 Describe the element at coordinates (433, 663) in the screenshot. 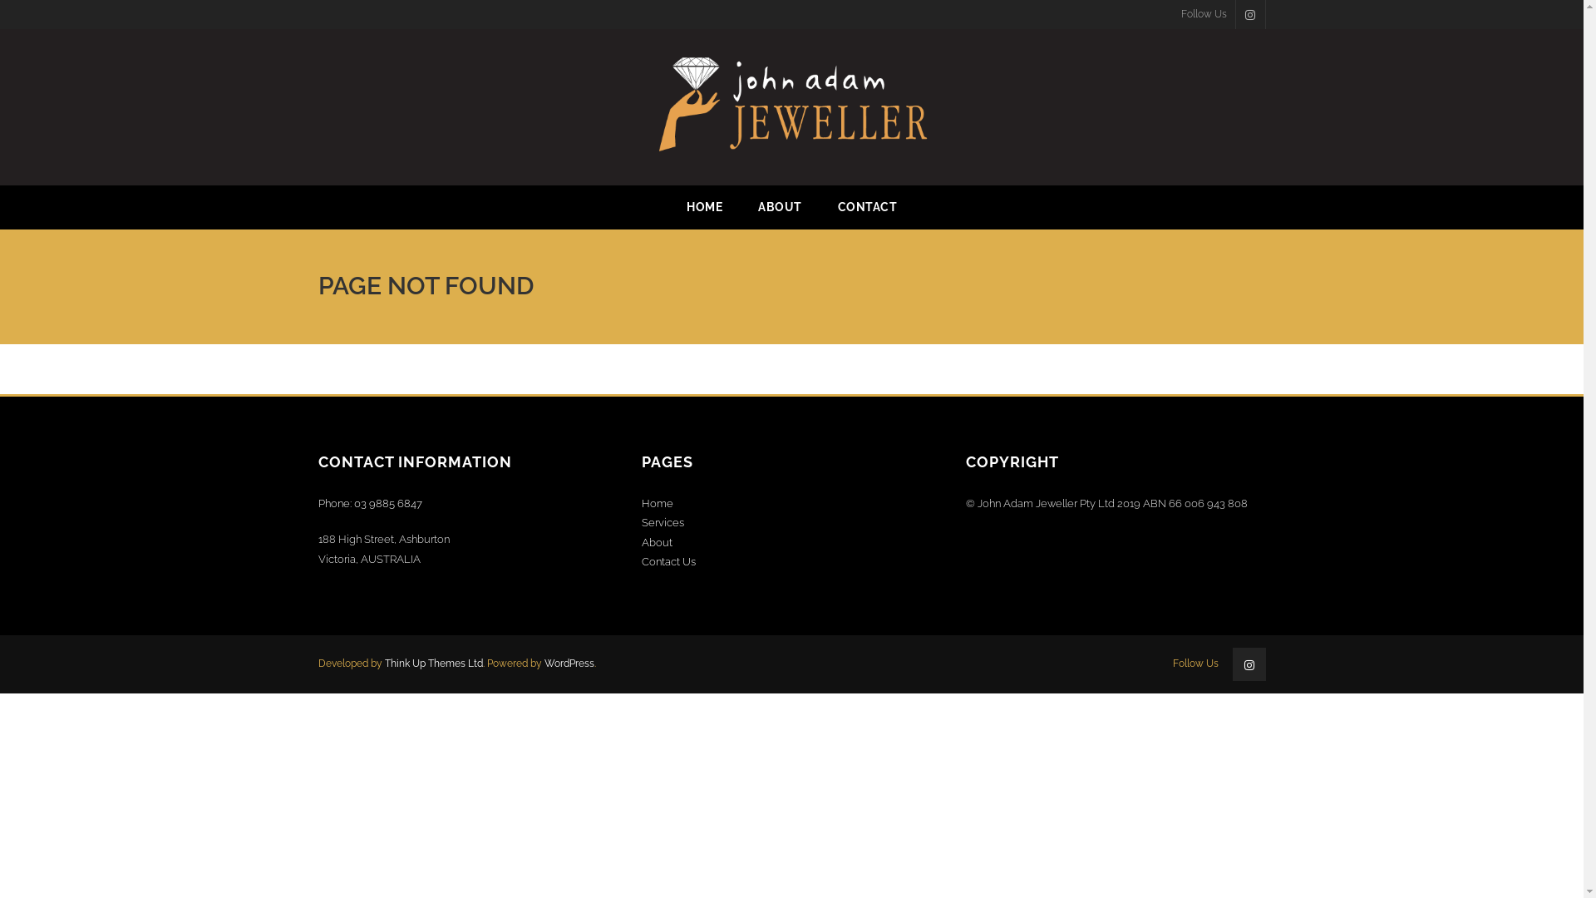

I see `'Think Up Themes Ltd'` at that location.